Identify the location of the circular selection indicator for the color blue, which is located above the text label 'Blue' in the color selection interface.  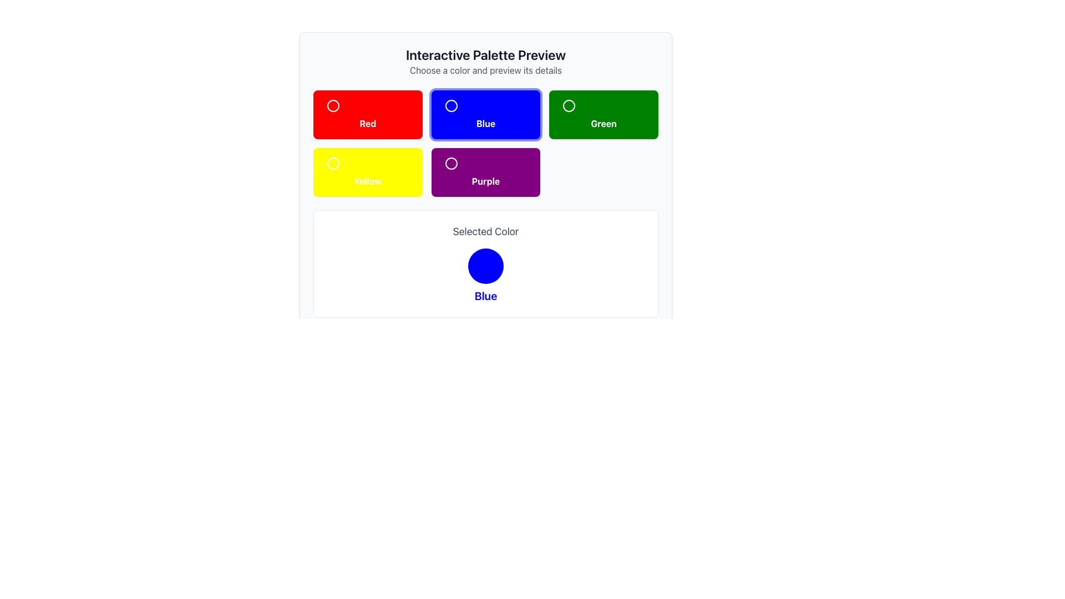
(451, 106).